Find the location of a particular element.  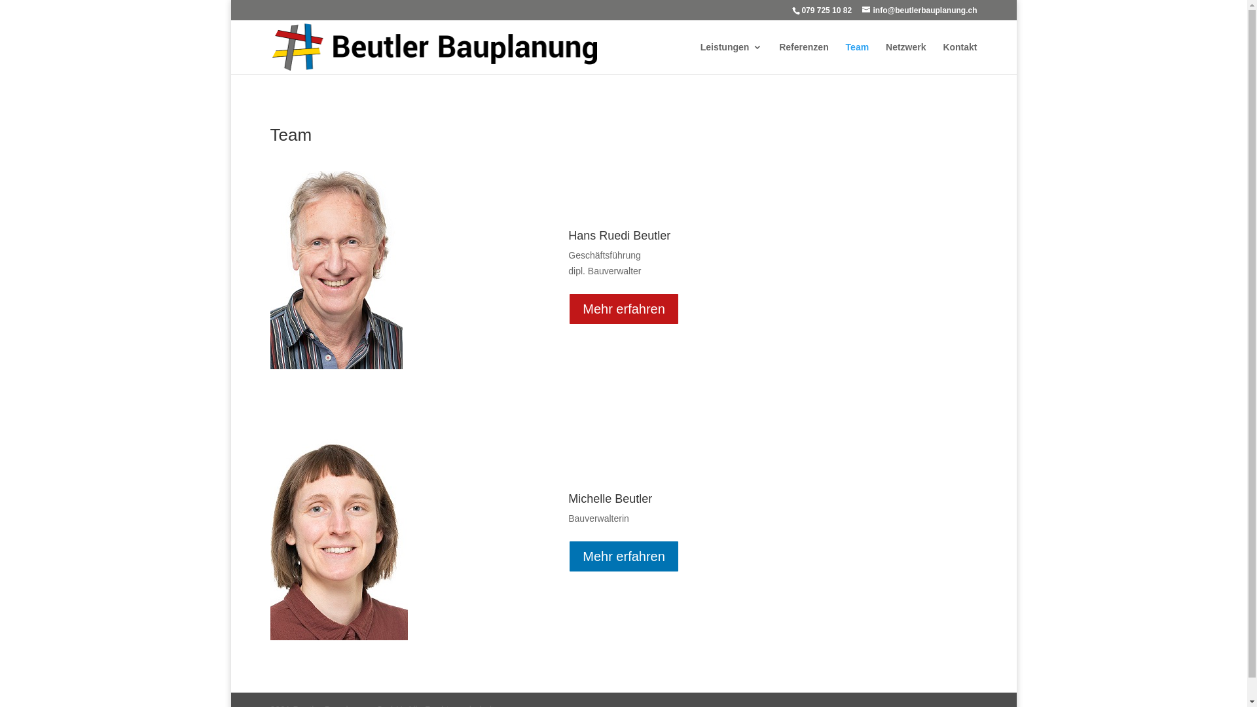

'Beutler_Hans Ruedi_1' is located at coordinates (336, 269).